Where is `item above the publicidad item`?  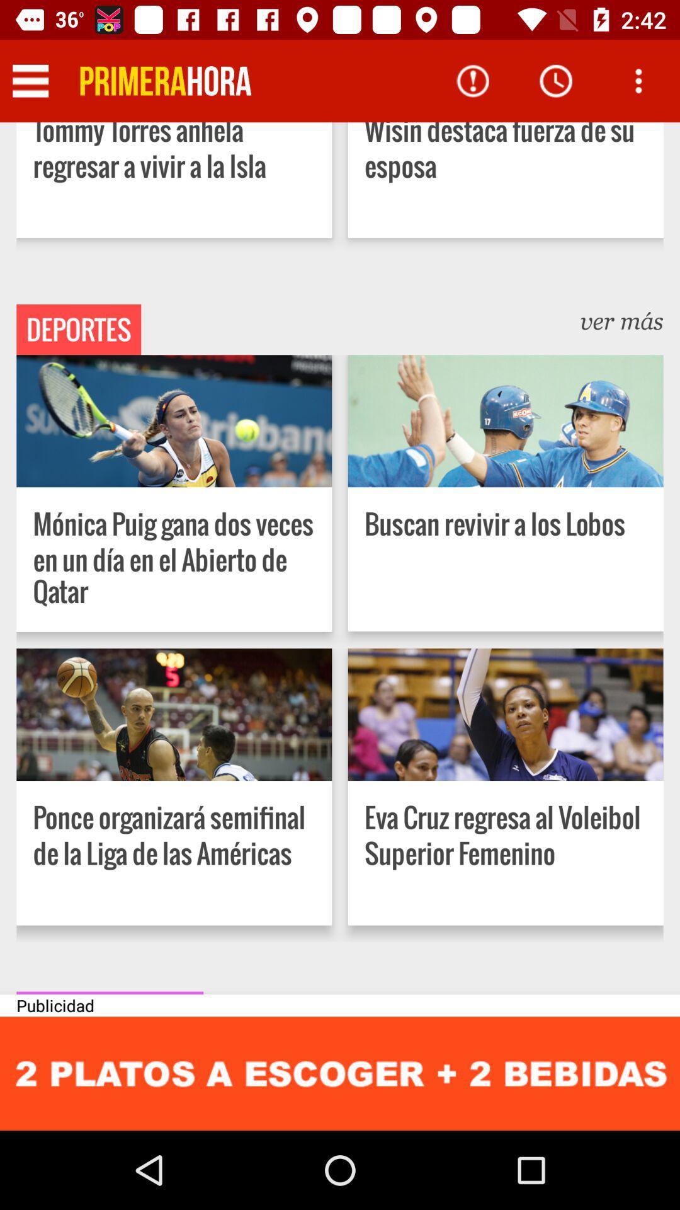
item above the publicidad item is located at coordinates (109, 992).